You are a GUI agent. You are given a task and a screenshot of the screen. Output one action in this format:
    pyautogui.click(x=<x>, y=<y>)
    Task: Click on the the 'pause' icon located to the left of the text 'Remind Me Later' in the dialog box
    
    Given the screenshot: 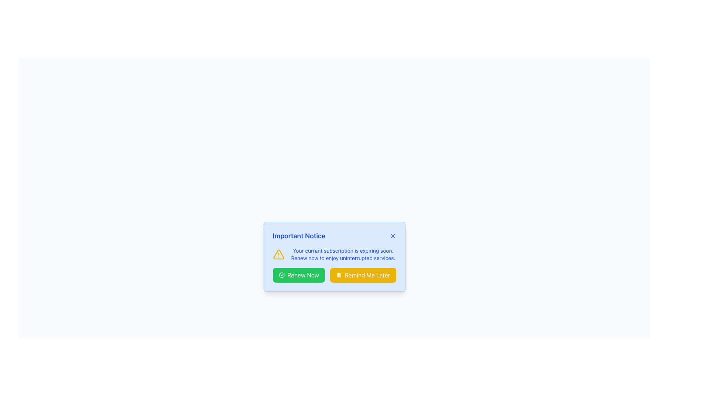 What is the action you would take?
    pyautogui.click(x=338, y=275)
    